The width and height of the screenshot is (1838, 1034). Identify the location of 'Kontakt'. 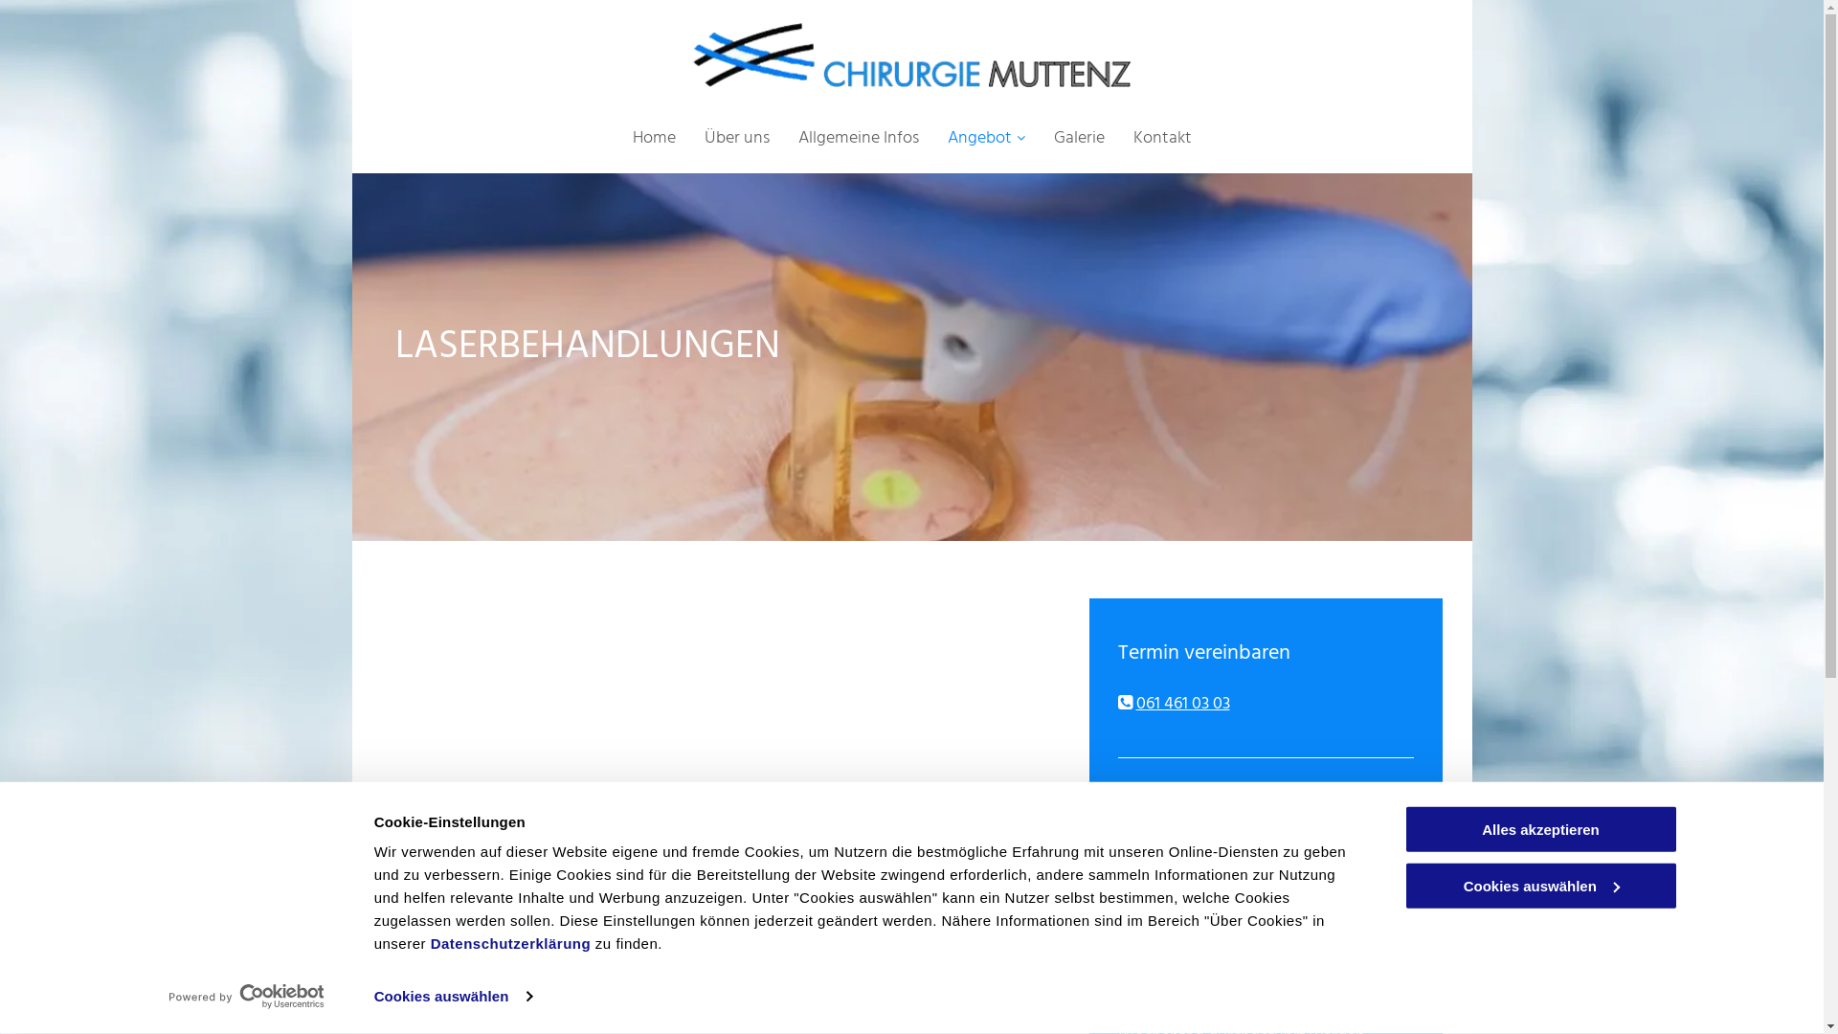
(1161, 137).